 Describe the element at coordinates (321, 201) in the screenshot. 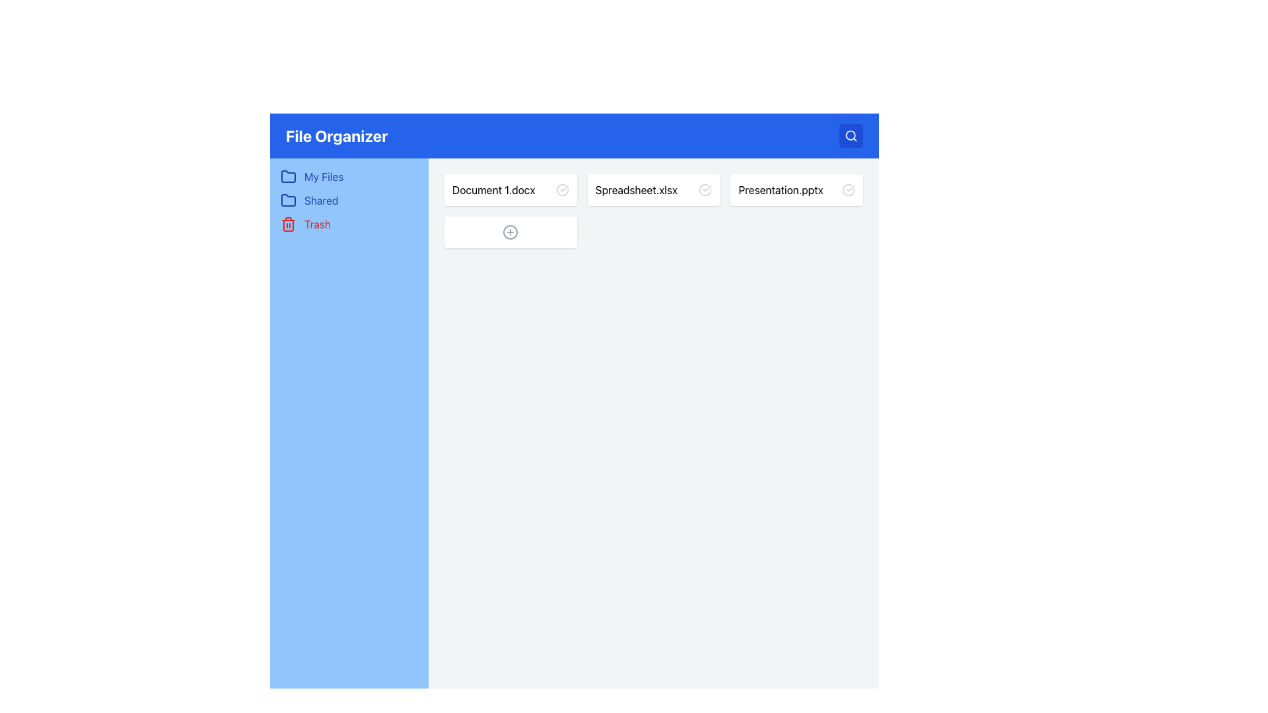

I see `the 'Shared' folder label, which is the second item in the vertical list under 'File Organizer'` at that location.